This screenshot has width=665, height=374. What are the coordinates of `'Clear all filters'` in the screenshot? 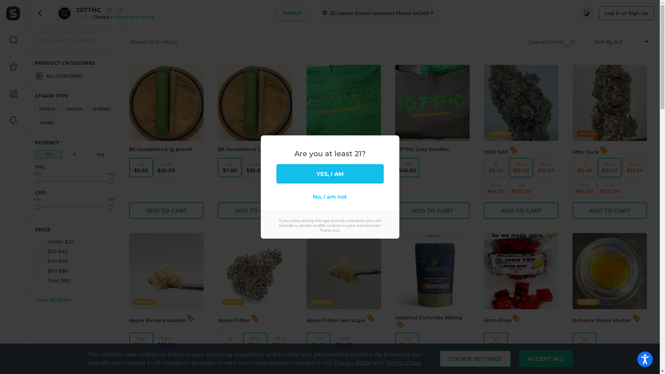 It's located at (74, 299).